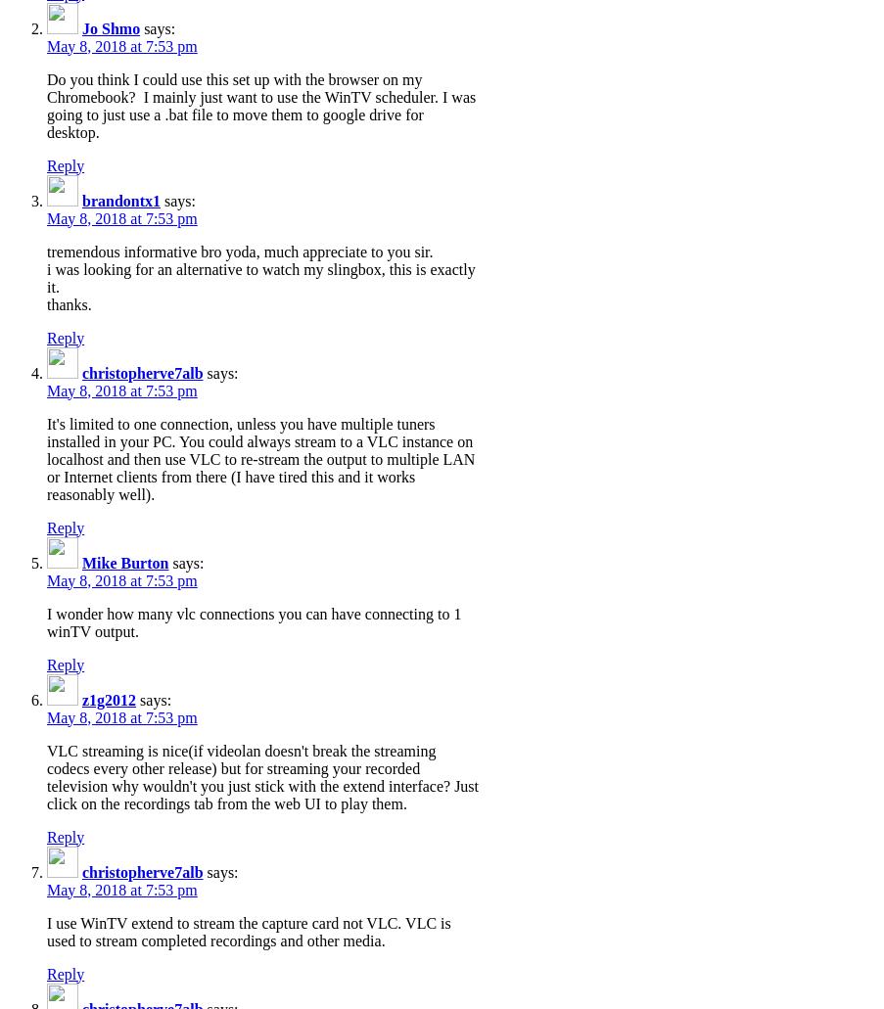 Image resolution: width=884 pixels, height=1009 pixels. I want to click on 'Do you think I could use this set up with the browser on my Chromebook?  I mainly just want to use the WinTV scheduler. I was going to just use a .bat file to move them to google drive for desktop.', so click(46, 104).